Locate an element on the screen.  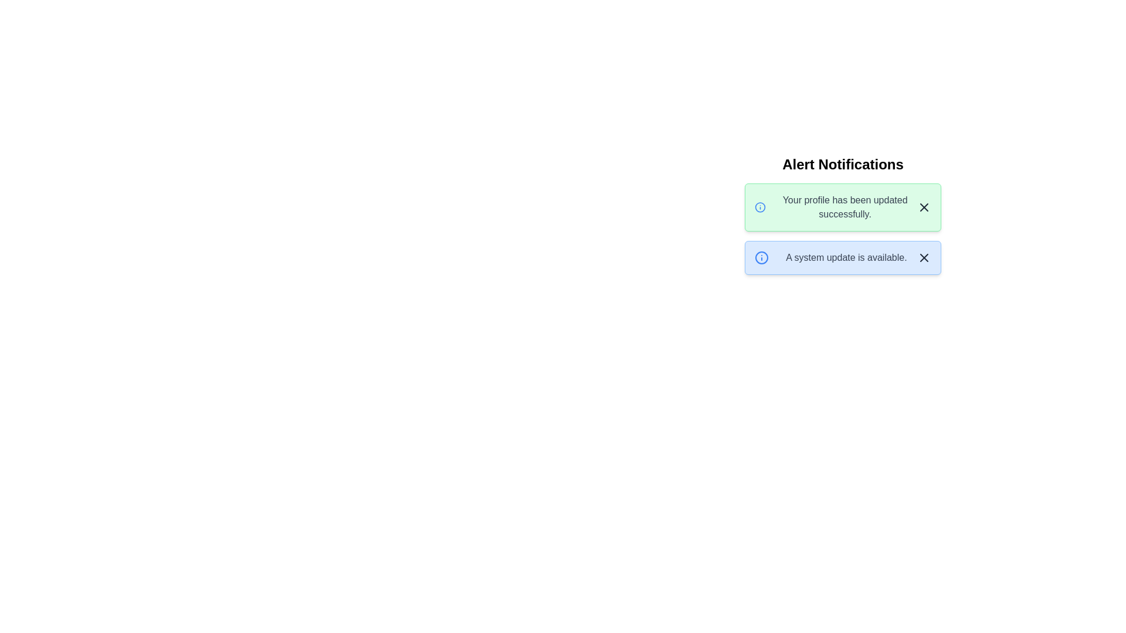
text notification labeled 'A system update is available.' located in the blue alert box at the bottom of the 'Alert Notifications' panel is located at coordinates (846, 257).